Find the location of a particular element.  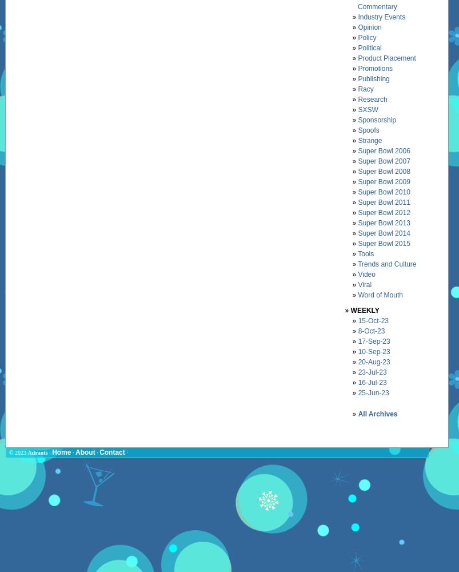

'10-Sep-23' is located at coordinates (373, 351).